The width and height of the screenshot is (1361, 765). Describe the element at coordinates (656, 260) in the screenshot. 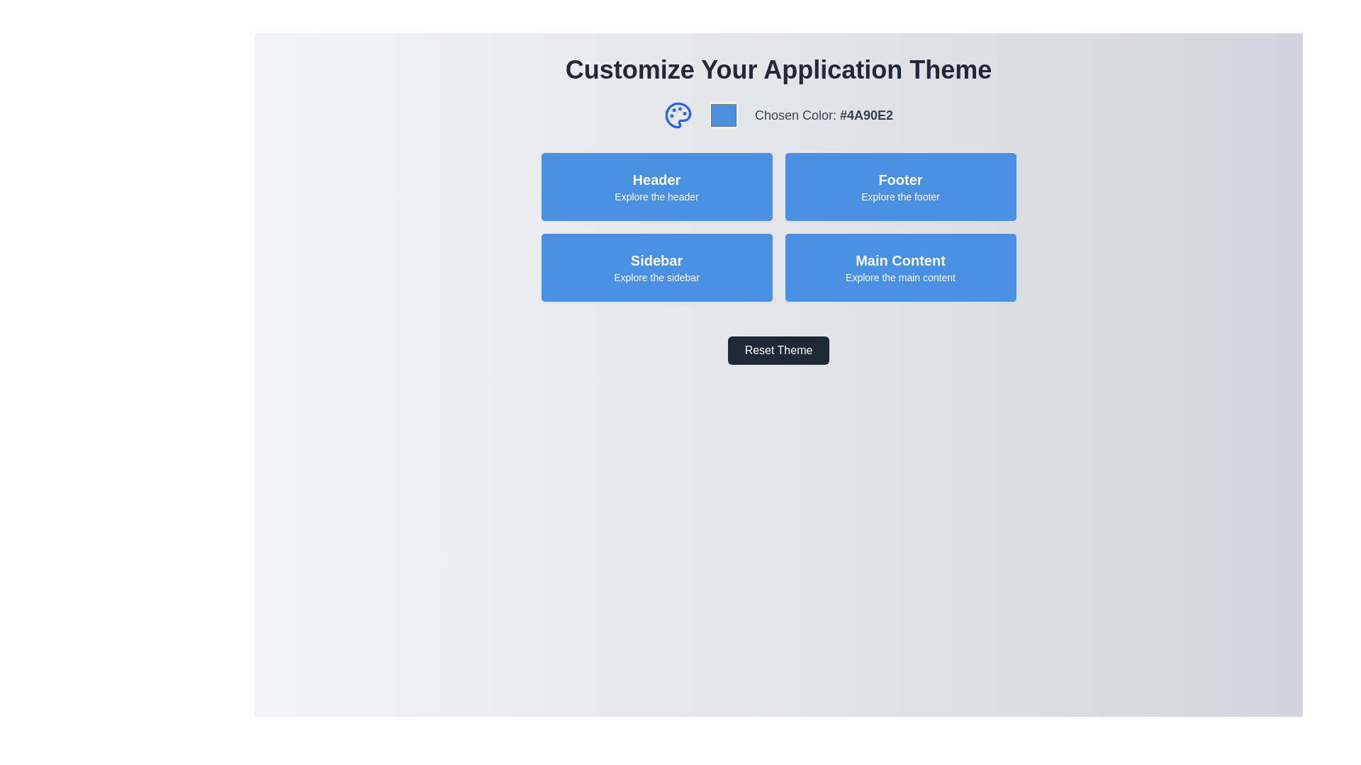

I see `text 'Sidebar' displayed in bold white on a blue rectangular background, located in the bottom-left section of the four-button grid` at that location.